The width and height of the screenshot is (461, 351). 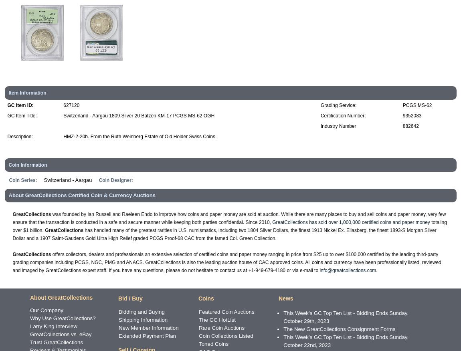 I want to click on 'HMZ-2-20b. From the Ruth Weinberg Estate of Old Holder Swiss Coins.', so click(x=63, y=136).